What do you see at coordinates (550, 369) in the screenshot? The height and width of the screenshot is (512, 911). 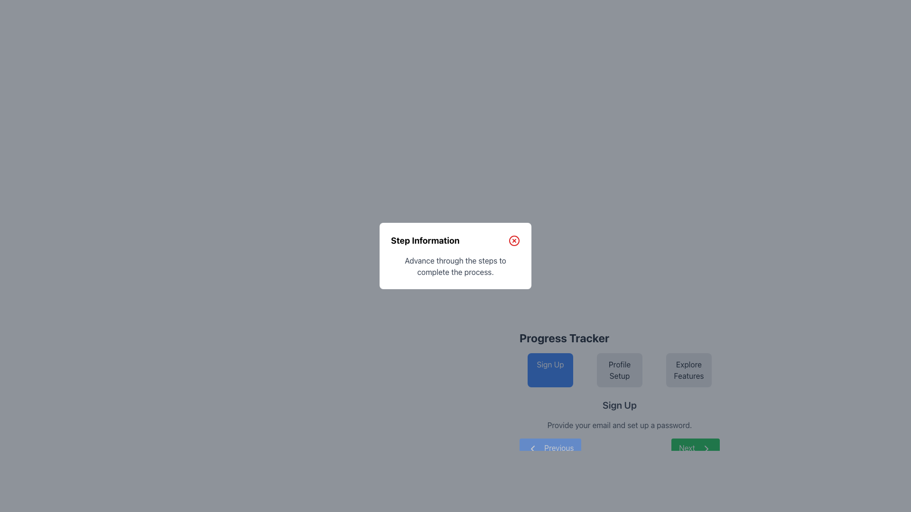 I see `the 'Sign Up' button, which is a rectangular button with rounded corners and white text on a blue background, to initiate the signup process` at bounding box center [550, 369].